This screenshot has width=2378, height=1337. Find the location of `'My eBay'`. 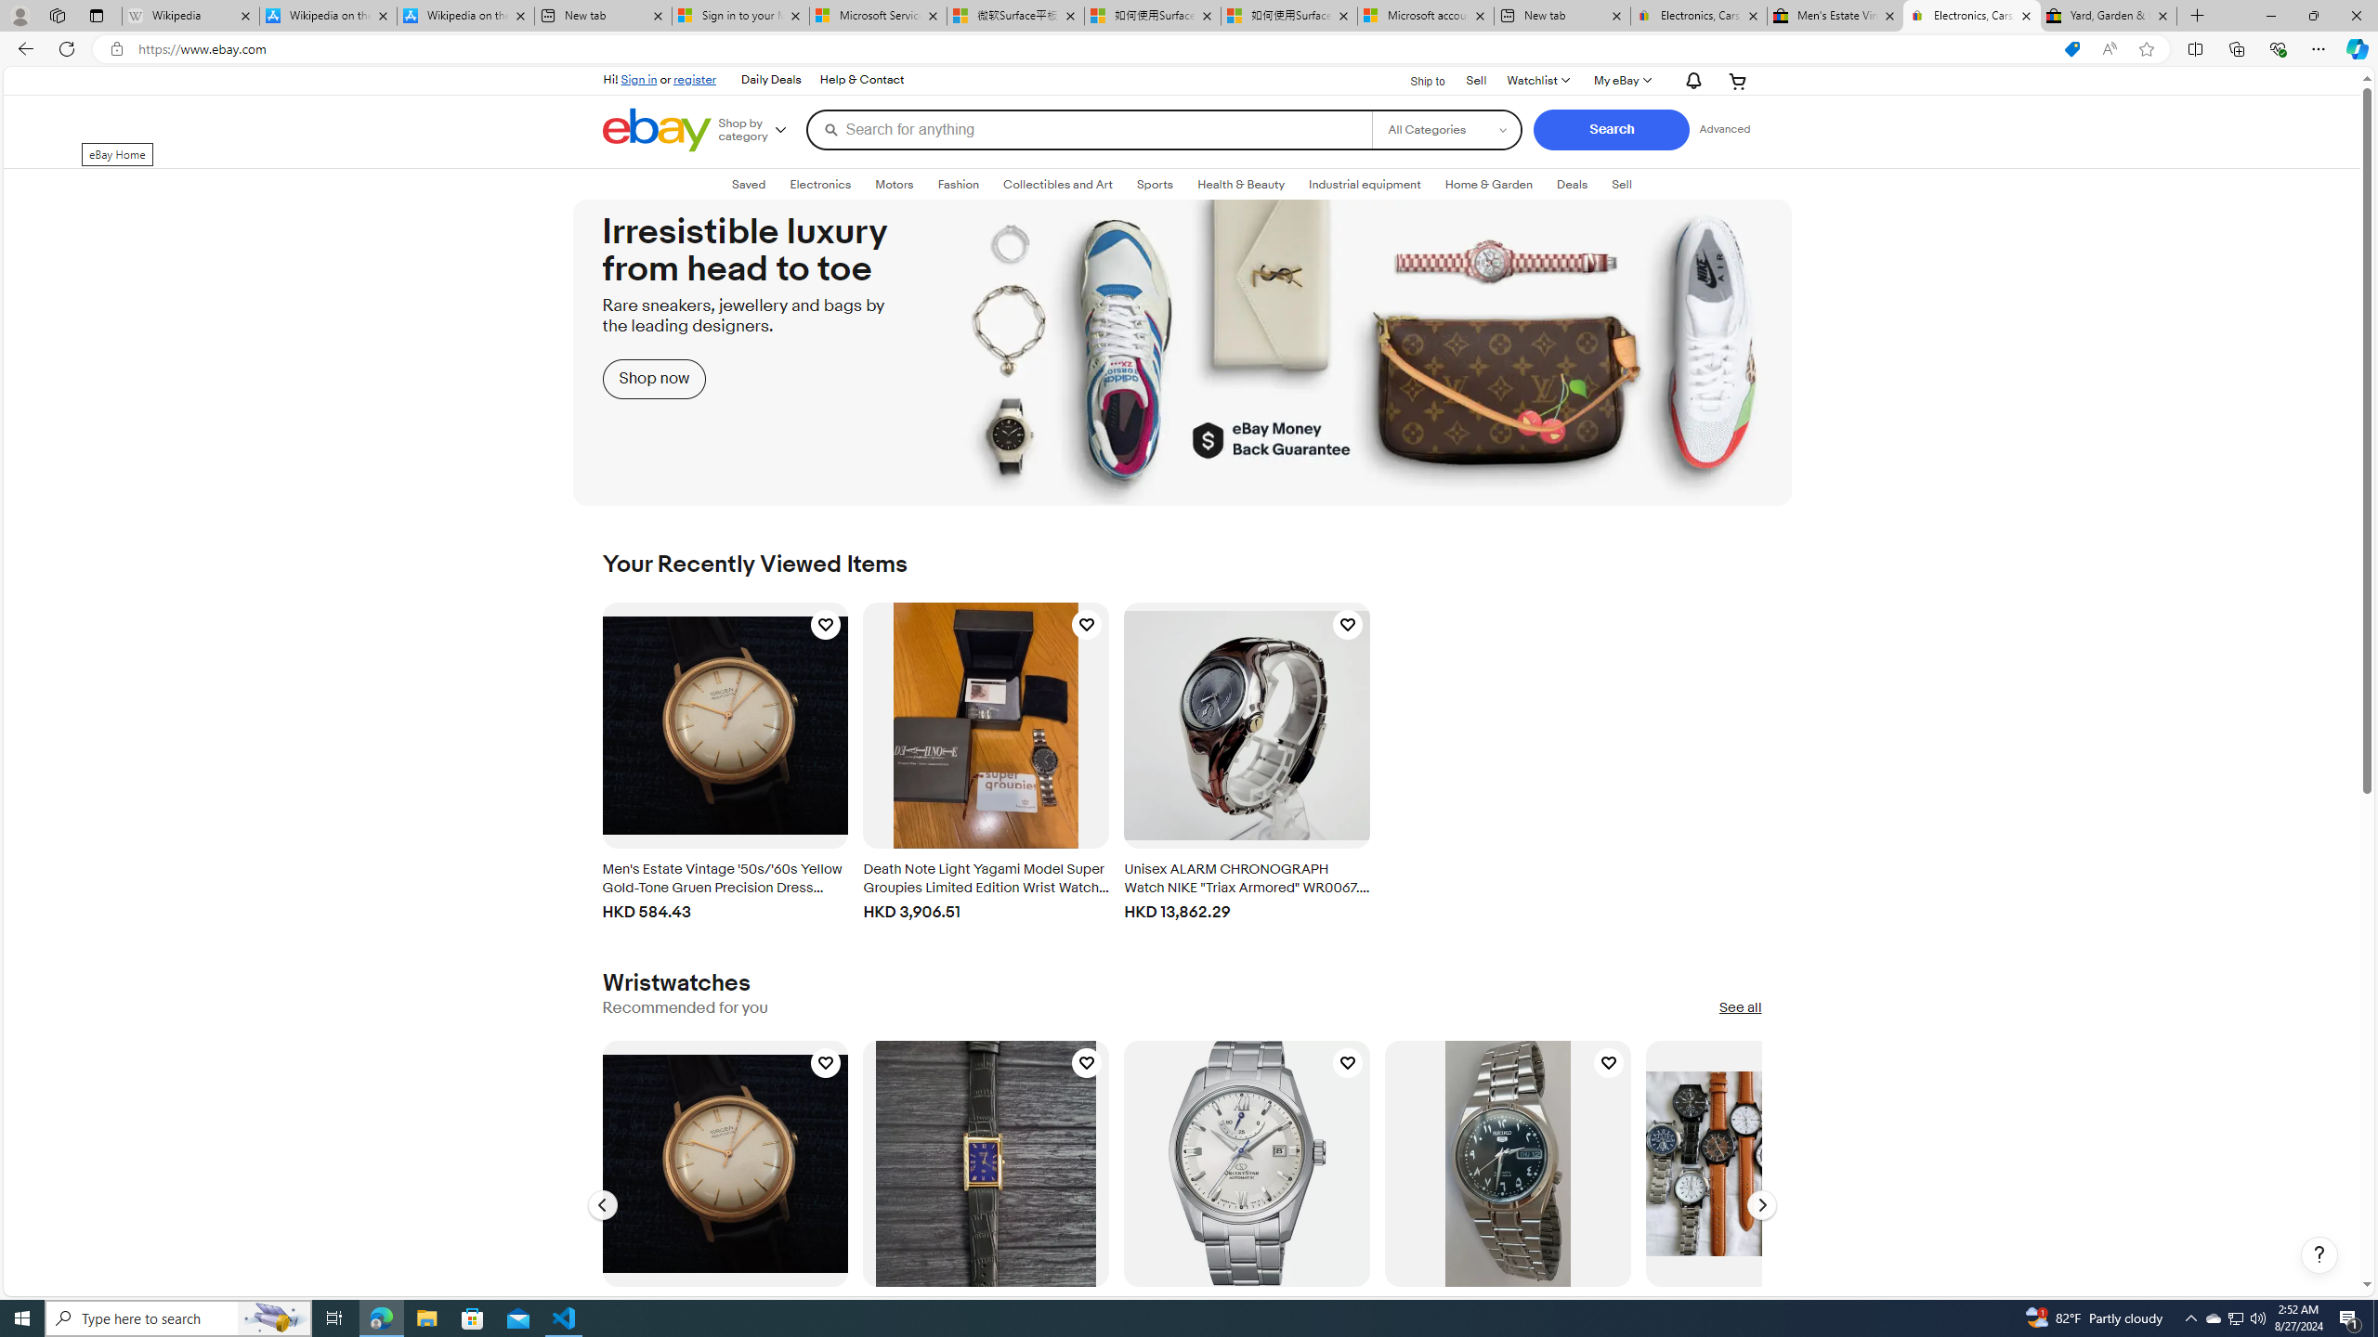

'My eBay' is located at coordinates (1620, 81).